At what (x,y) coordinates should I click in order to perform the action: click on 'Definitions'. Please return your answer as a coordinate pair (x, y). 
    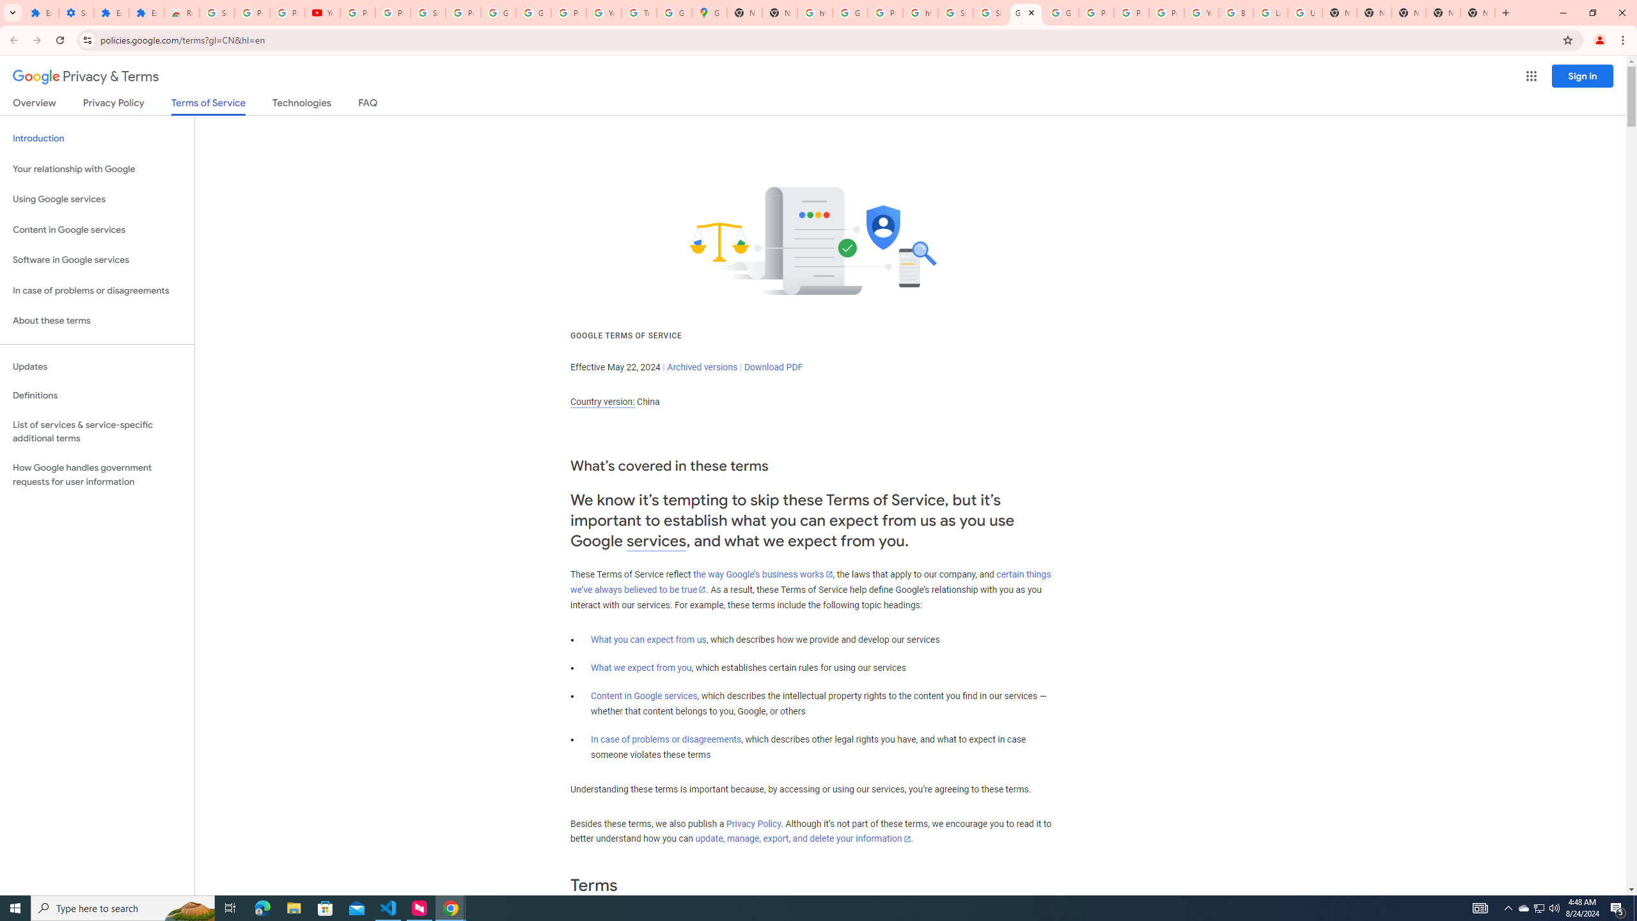
    Looking at the image, I should click on (97, 395).